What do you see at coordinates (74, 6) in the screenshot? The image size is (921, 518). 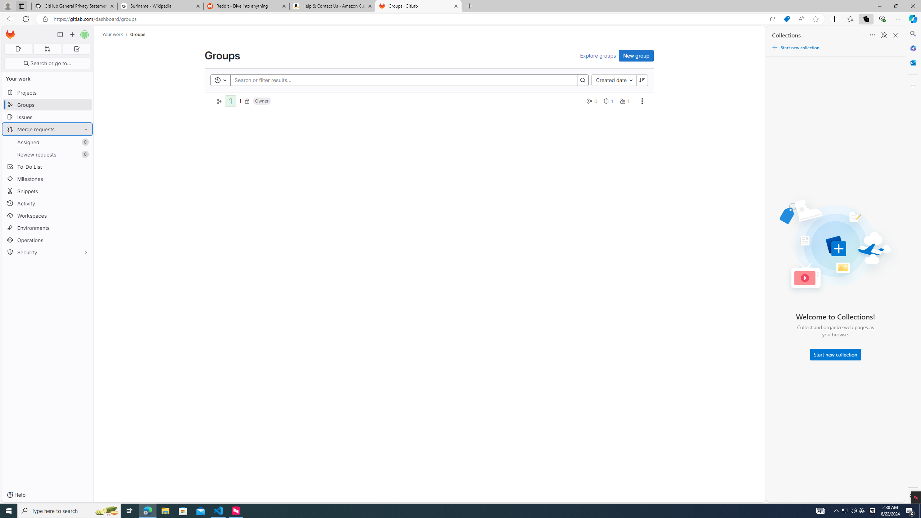 I see `'GitHub General Privacy Statement - GitHub Docs'` at bounding box center [74, 6].